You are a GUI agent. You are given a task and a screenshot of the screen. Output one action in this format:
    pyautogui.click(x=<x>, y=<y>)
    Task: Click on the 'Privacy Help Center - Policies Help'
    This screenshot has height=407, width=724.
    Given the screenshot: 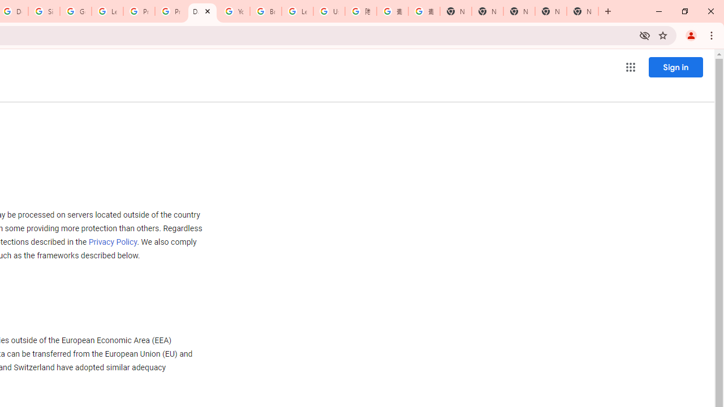 What is the action you would take?
    pyautogui.click(x=138, y=11)
    